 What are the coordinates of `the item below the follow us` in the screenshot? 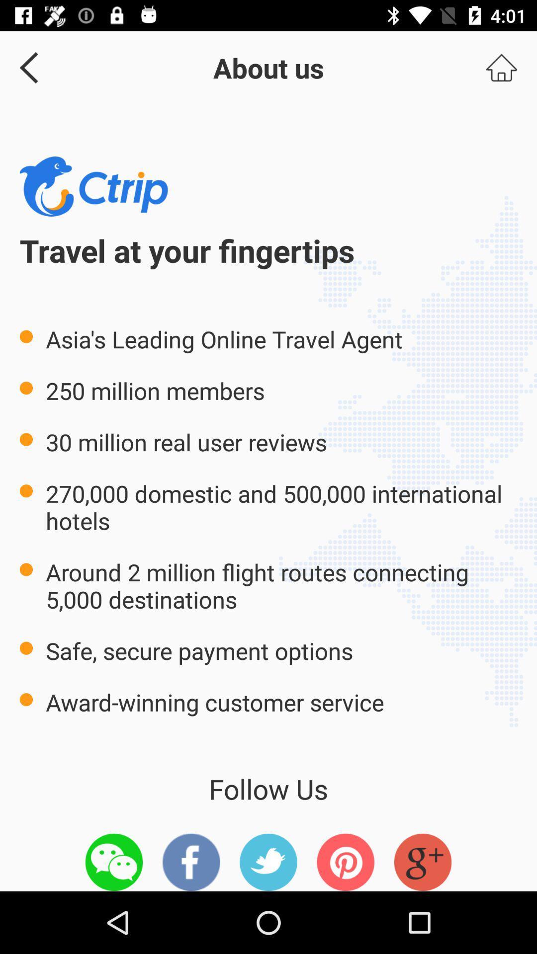 It's located at (345, 862).